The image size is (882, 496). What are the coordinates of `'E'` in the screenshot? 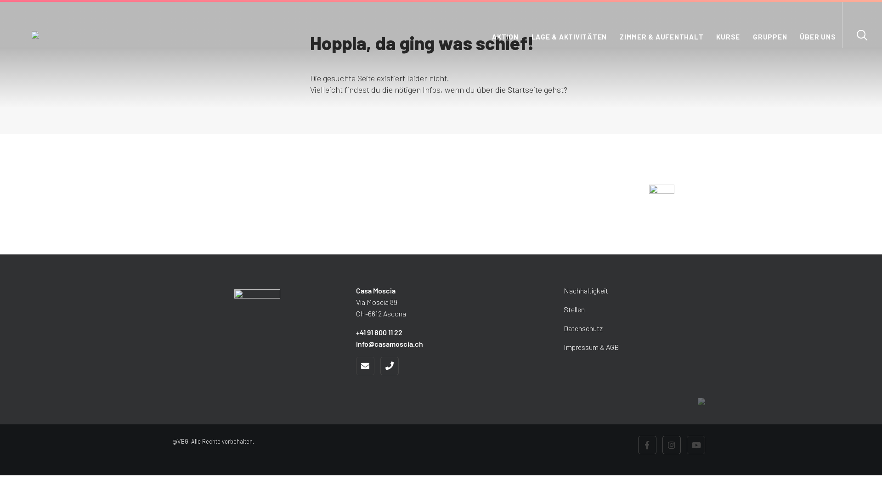 It's located at (365, 366).